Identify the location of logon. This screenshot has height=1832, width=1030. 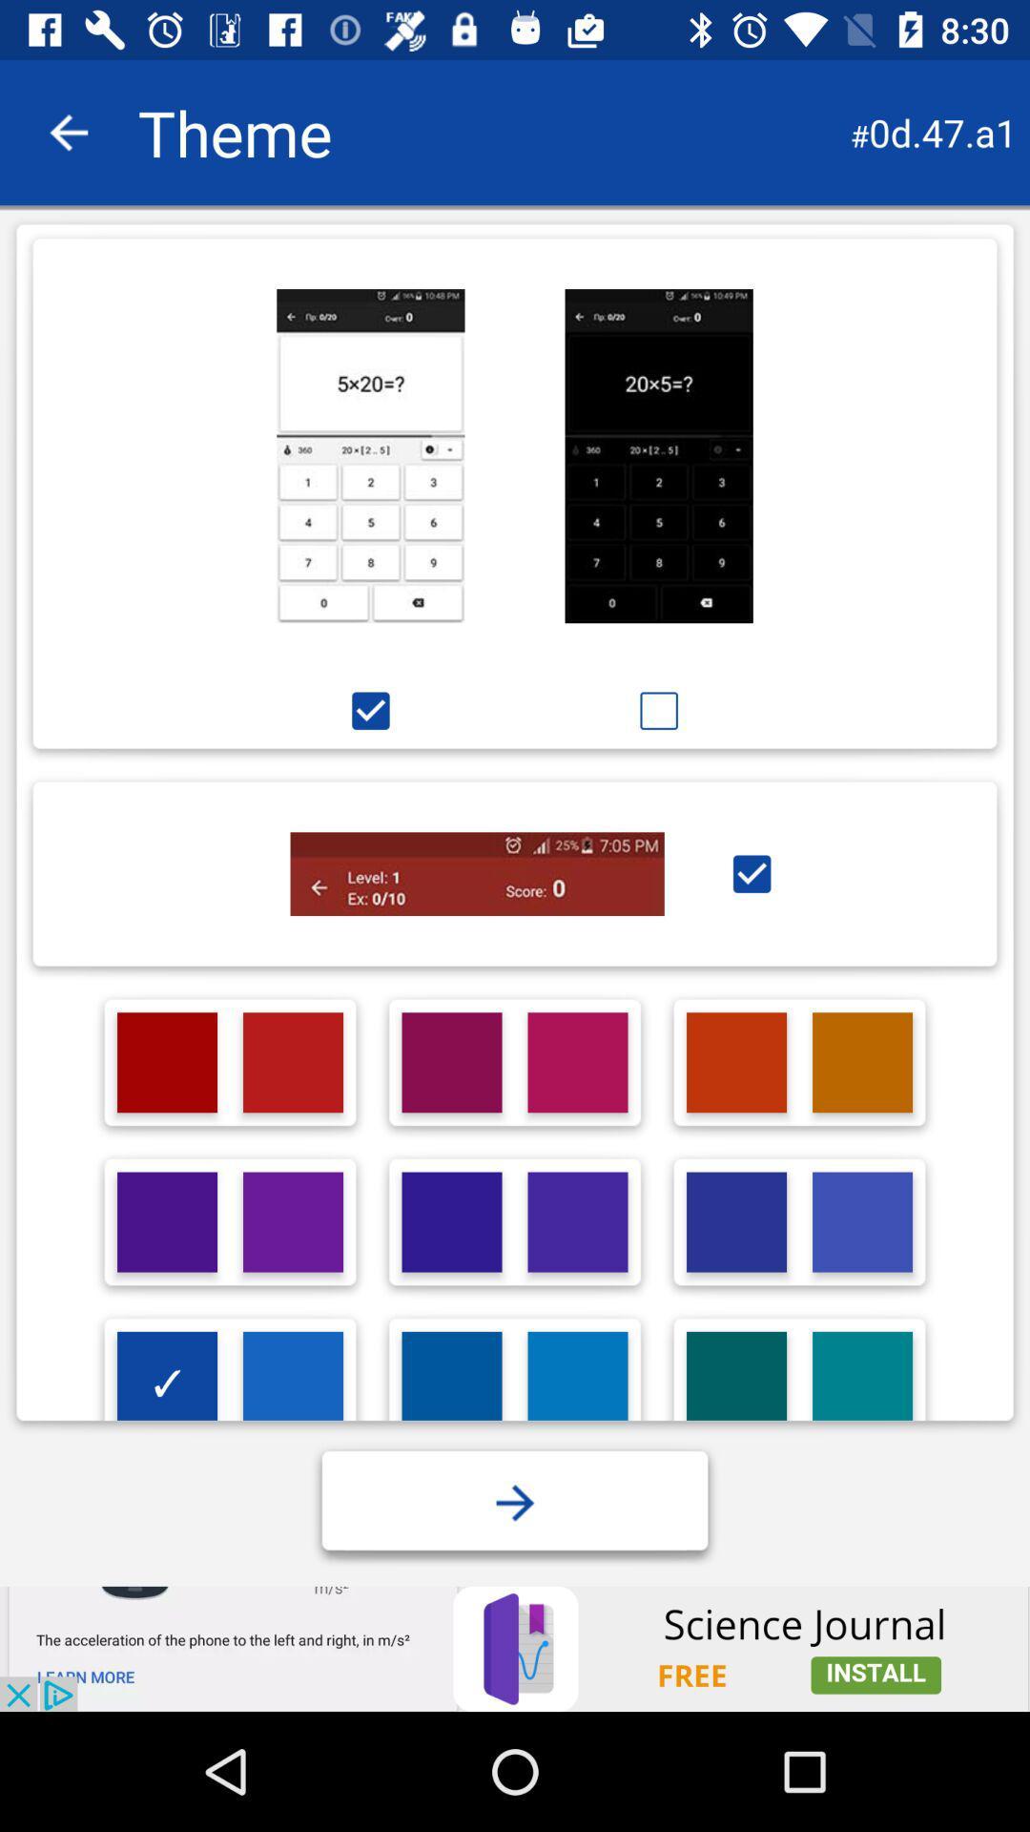
(166, 1222).